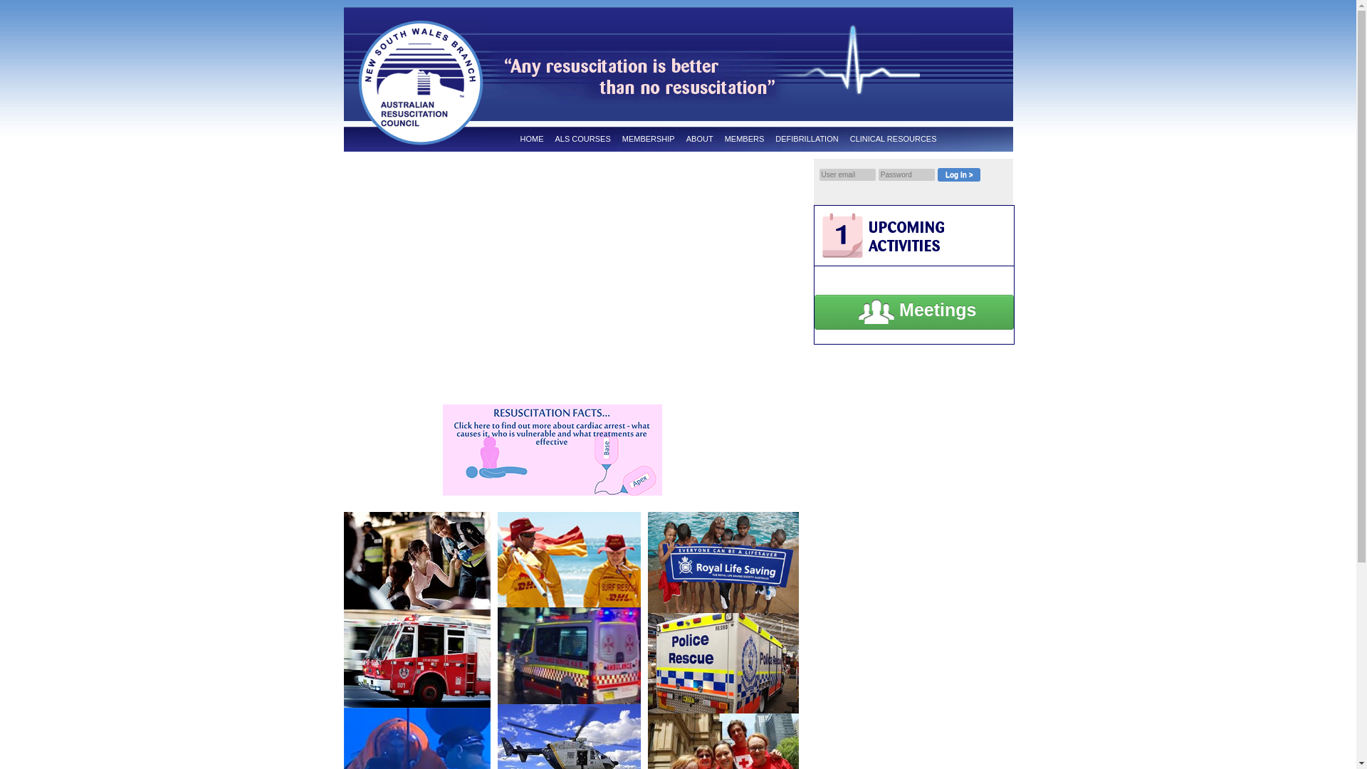 This screenshot has height=769, width=1367. Describe the element at coordinates (744, 139) in the screenshot. I see `'MEMBERS'` at that location.